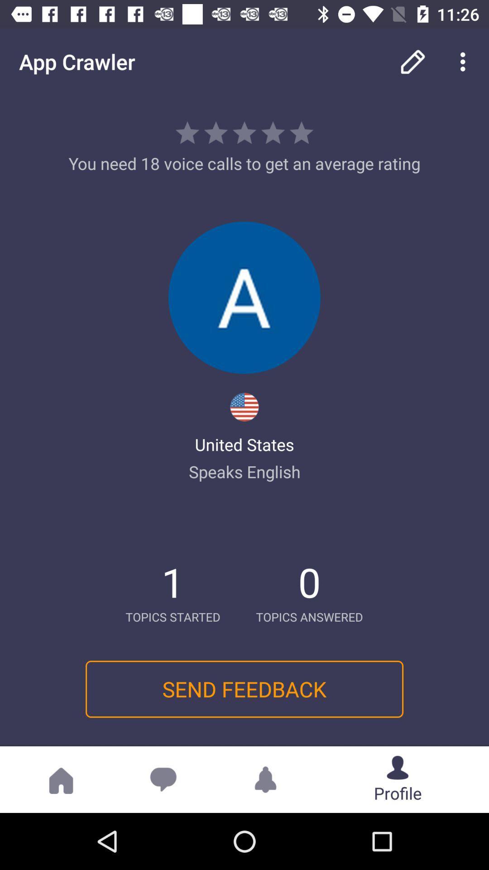  I want to click on the send feedback icon, so click(244, 689).